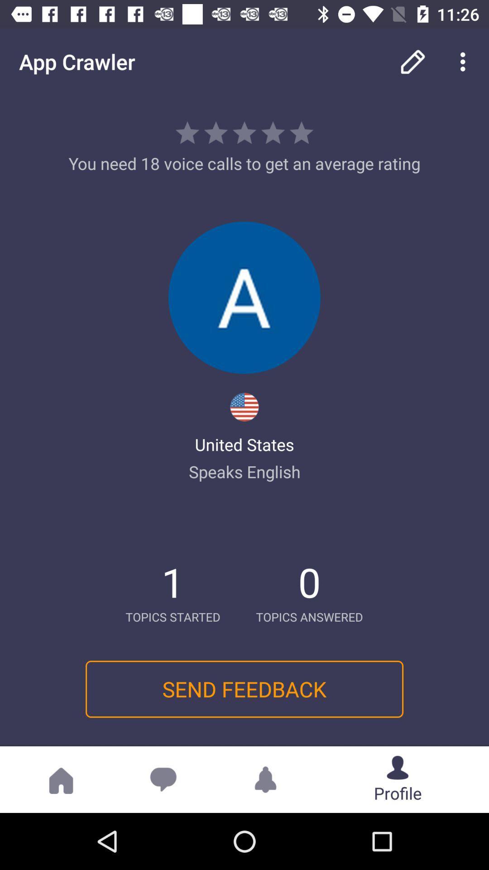  I want to click on the send feedback icon, so click(244, 689).